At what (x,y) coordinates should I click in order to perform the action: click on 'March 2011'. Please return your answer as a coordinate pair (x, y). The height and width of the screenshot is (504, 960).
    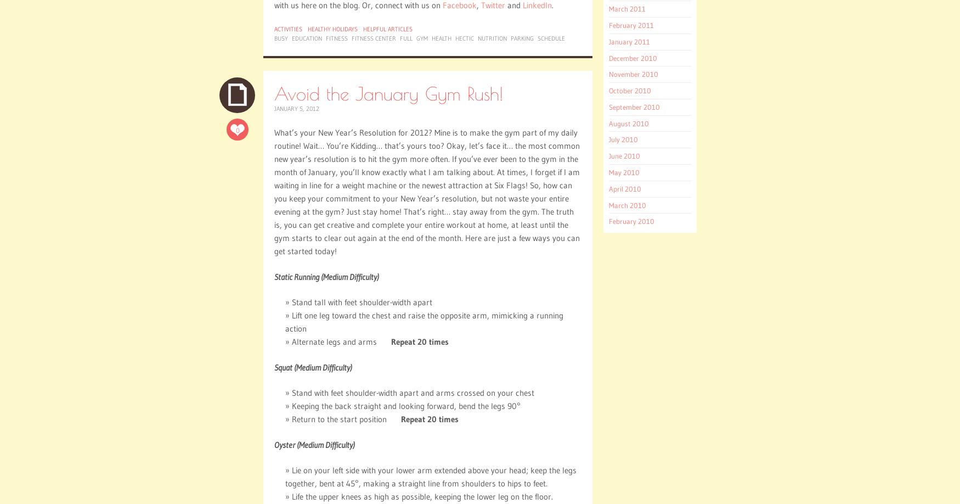
    Looking at the image, I should click on (626, 8).